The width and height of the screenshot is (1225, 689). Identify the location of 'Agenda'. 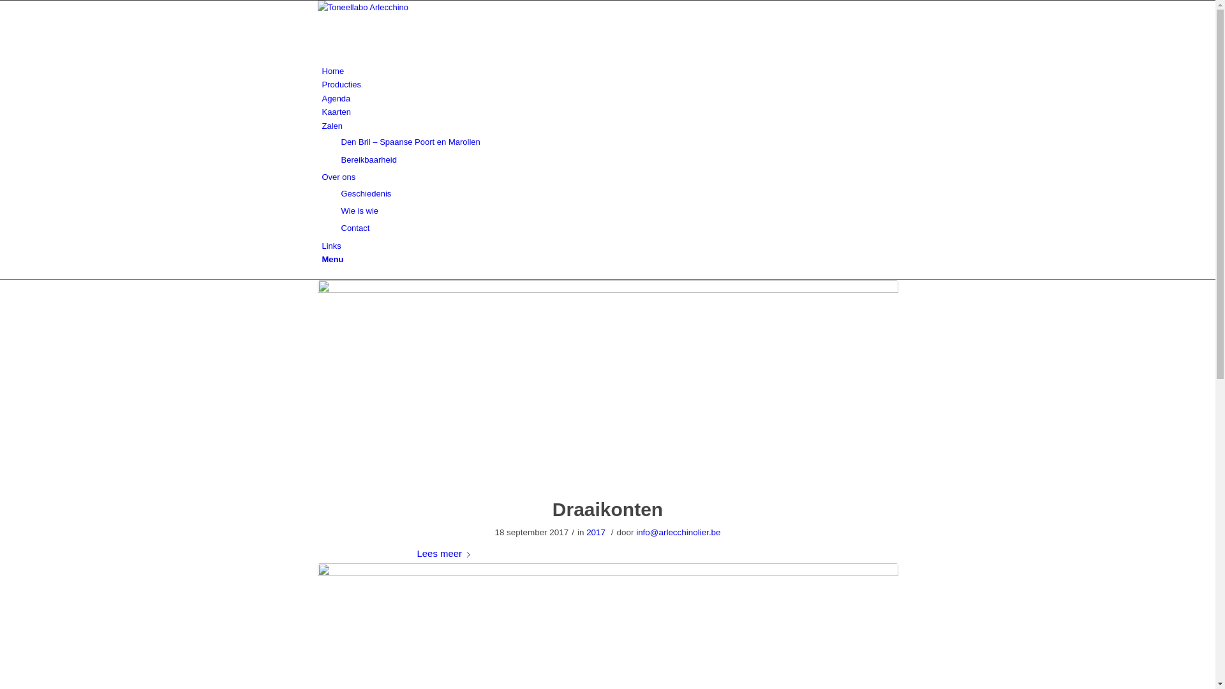
(336, 98).